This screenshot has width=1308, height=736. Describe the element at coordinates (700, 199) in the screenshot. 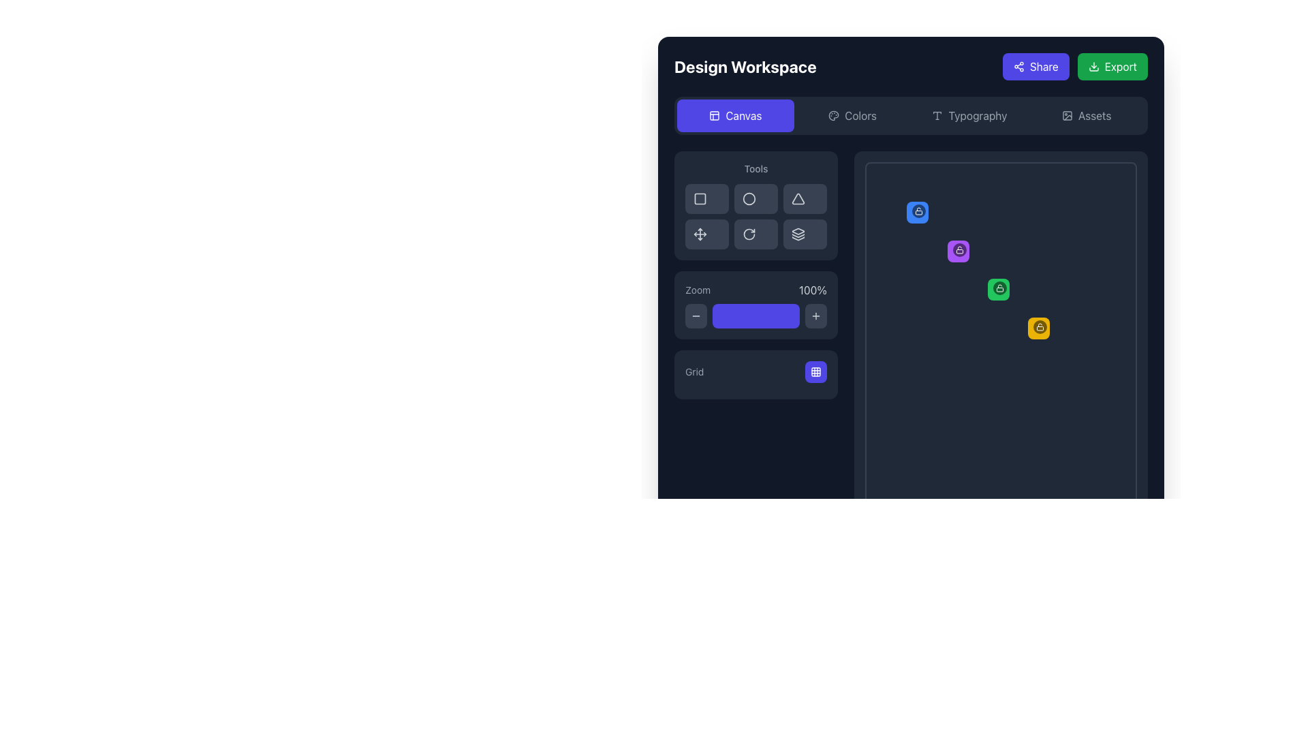

I see `the square-shaped icon button with a bordered outline, styled in light-gray, located in the left section of the interface as the first item in the group of tool icons` at that location.